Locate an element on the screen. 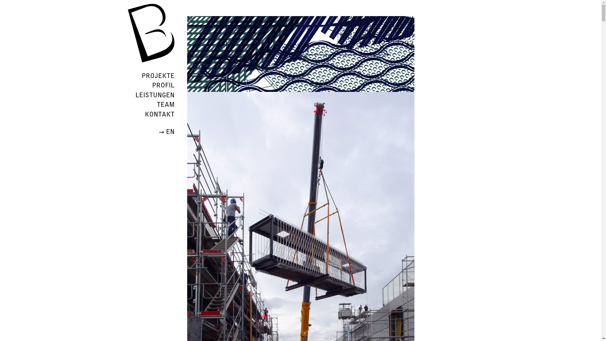 This screenshot has width=606, height=341. 'PROJEKTE' is located at coordinates (157, 75).